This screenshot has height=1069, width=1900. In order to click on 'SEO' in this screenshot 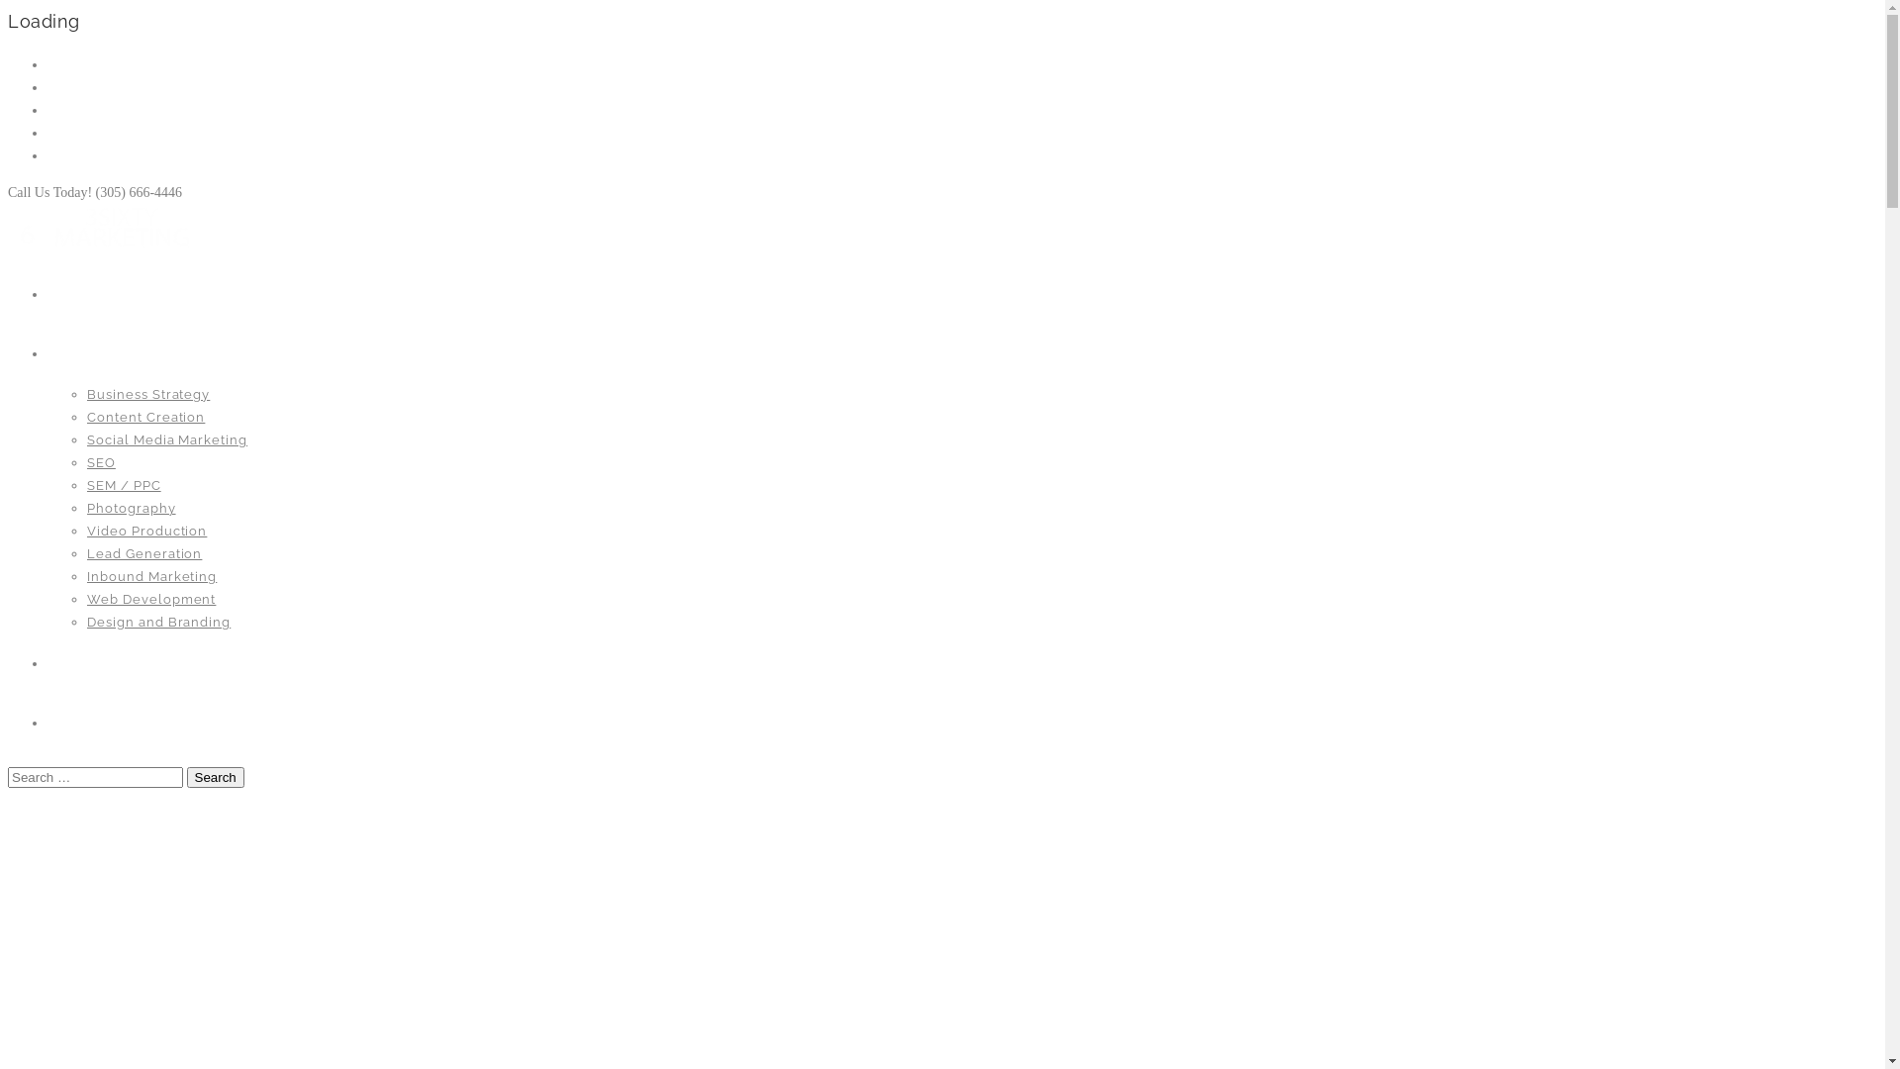, I will do `click(100, 462)`.